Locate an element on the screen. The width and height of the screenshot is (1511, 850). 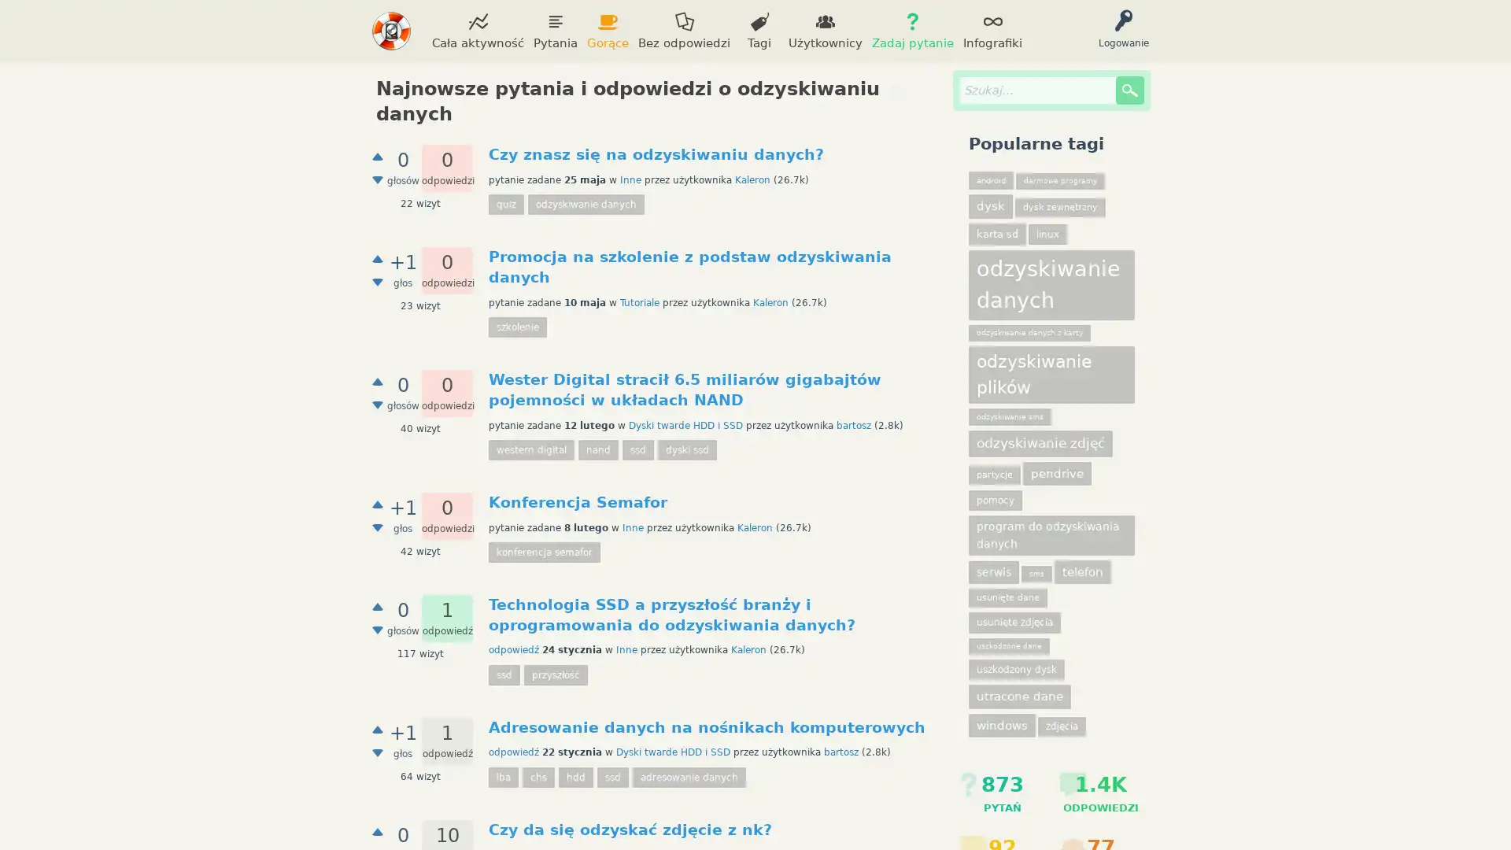
+ is located at coordinates (378, 382).